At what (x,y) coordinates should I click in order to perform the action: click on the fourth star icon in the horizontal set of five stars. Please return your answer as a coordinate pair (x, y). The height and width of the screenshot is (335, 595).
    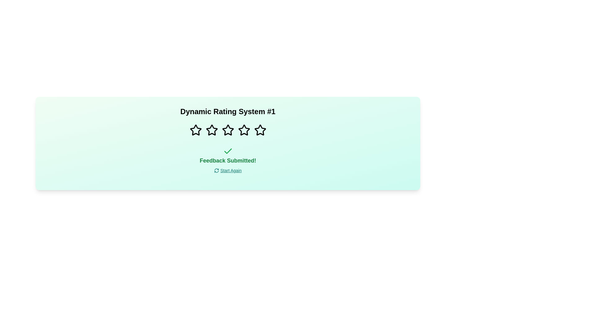
    Looking at the image, I should click on (244, 130).